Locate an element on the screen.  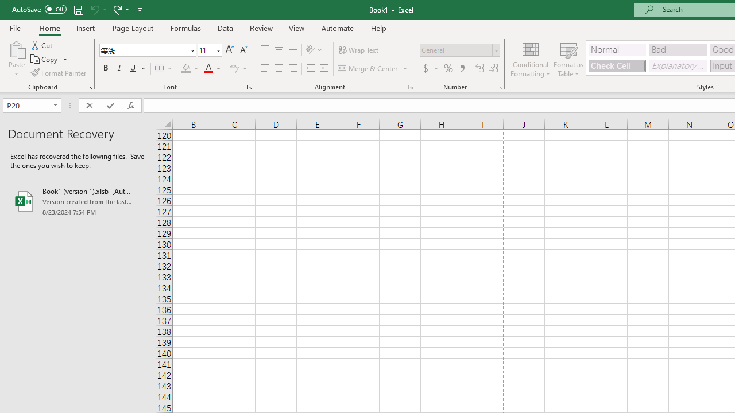
'Bottom Border' is located at coordinates (159, 68).